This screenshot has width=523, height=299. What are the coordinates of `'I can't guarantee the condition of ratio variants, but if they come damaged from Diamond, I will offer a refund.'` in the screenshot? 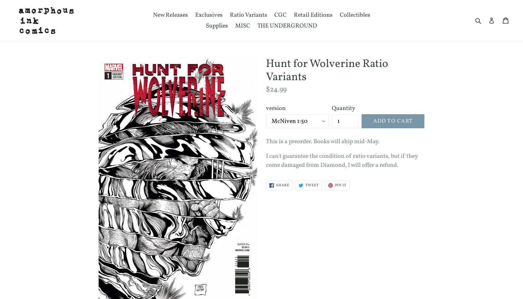 It's located at (341, 161).